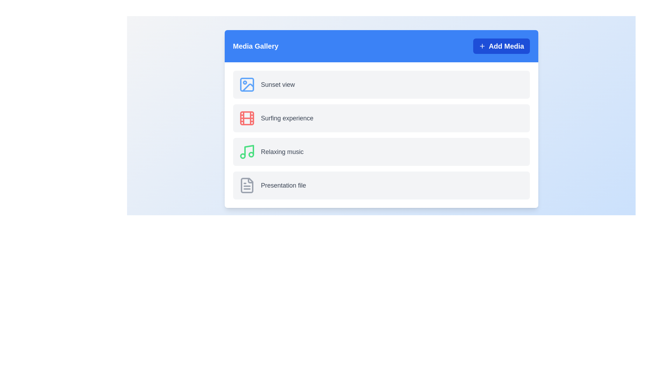 The width and height of the screenshot is (672, 378). What do you see at coordinates (243, 156) in the screenshot?
I see `the second SVG Circle in the media gallery interface that is part of the decorative icon for 'Relaxing music'` at bounding box center [243, 156].